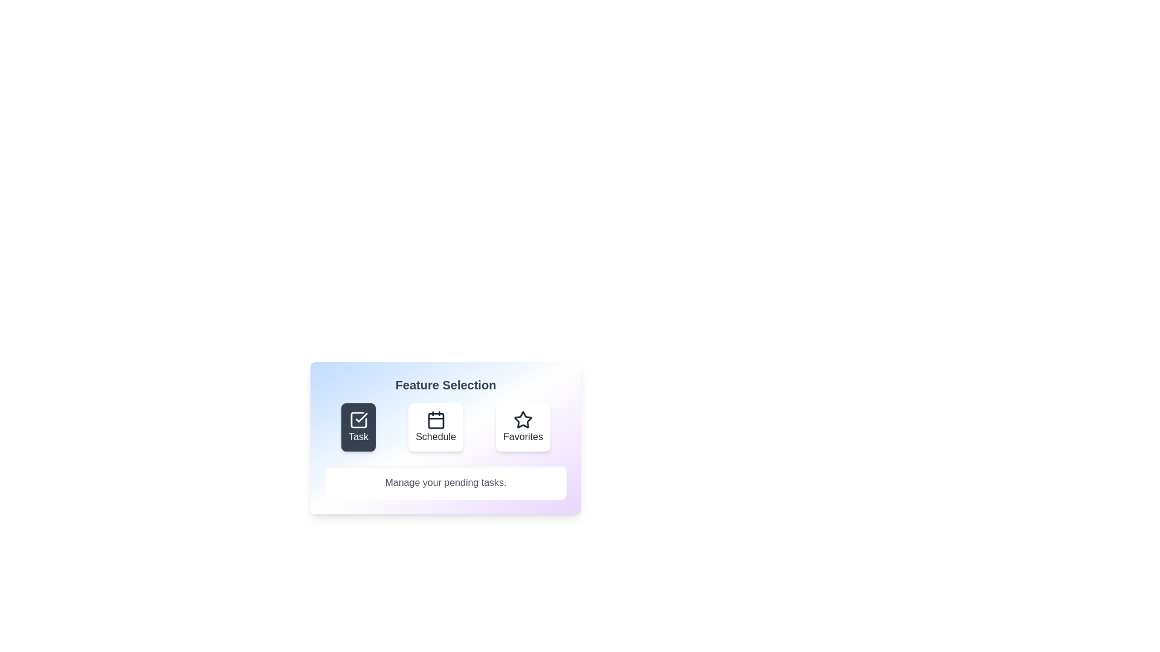 This screenshot has height=652, width=1160. I want to click on the feature Schedule by clicking the corresponding button, so click(435, 427).